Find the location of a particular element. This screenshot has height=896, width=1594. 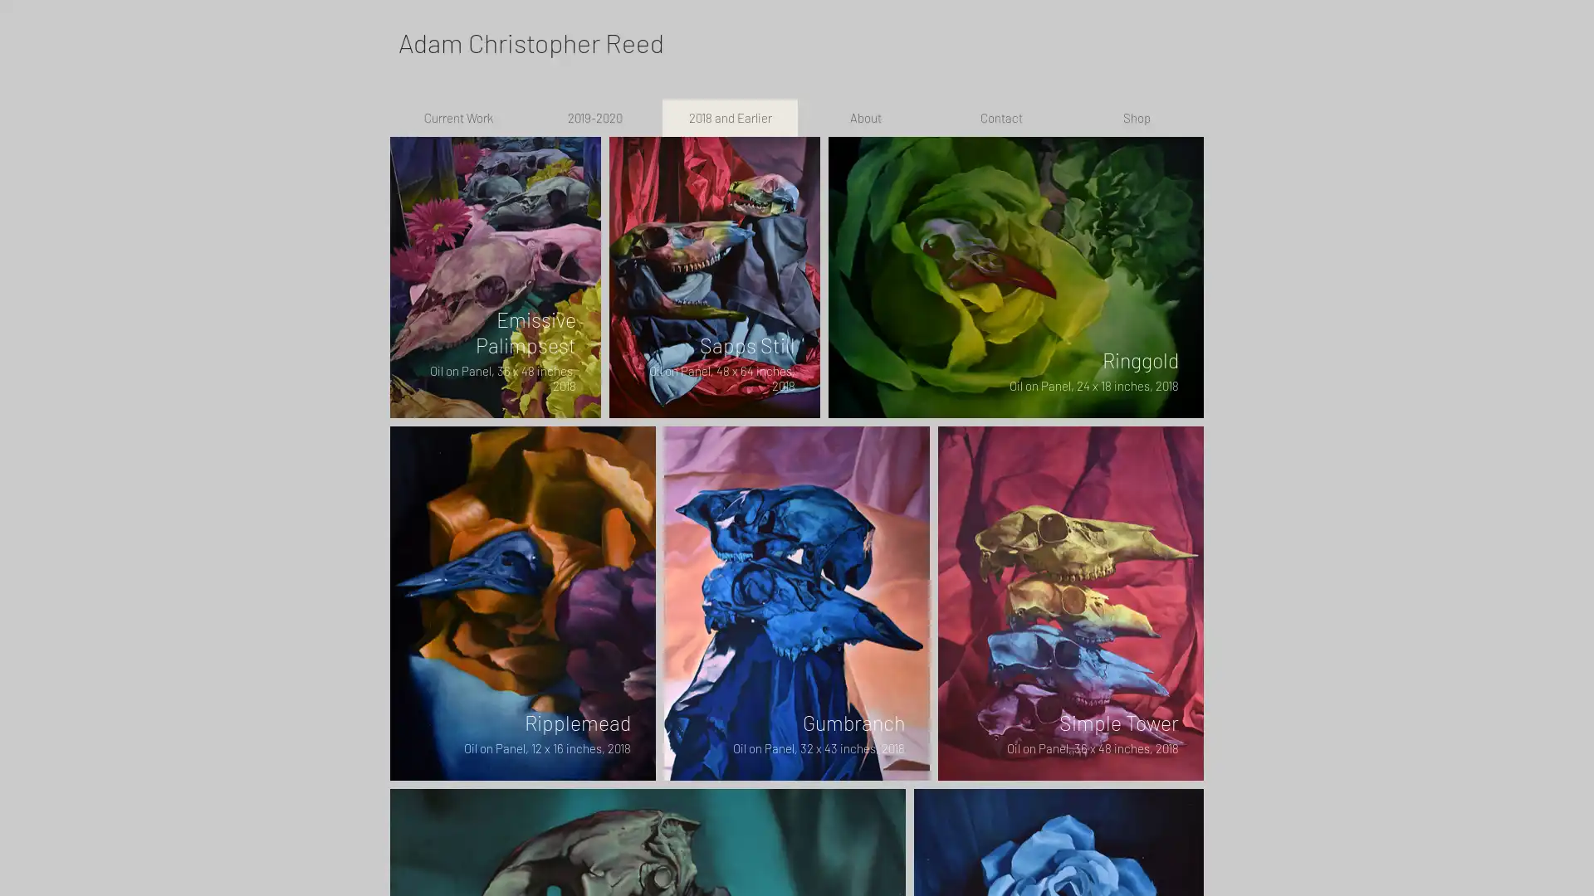

Emissive Palimpsest is located at coordinates (494, 276).